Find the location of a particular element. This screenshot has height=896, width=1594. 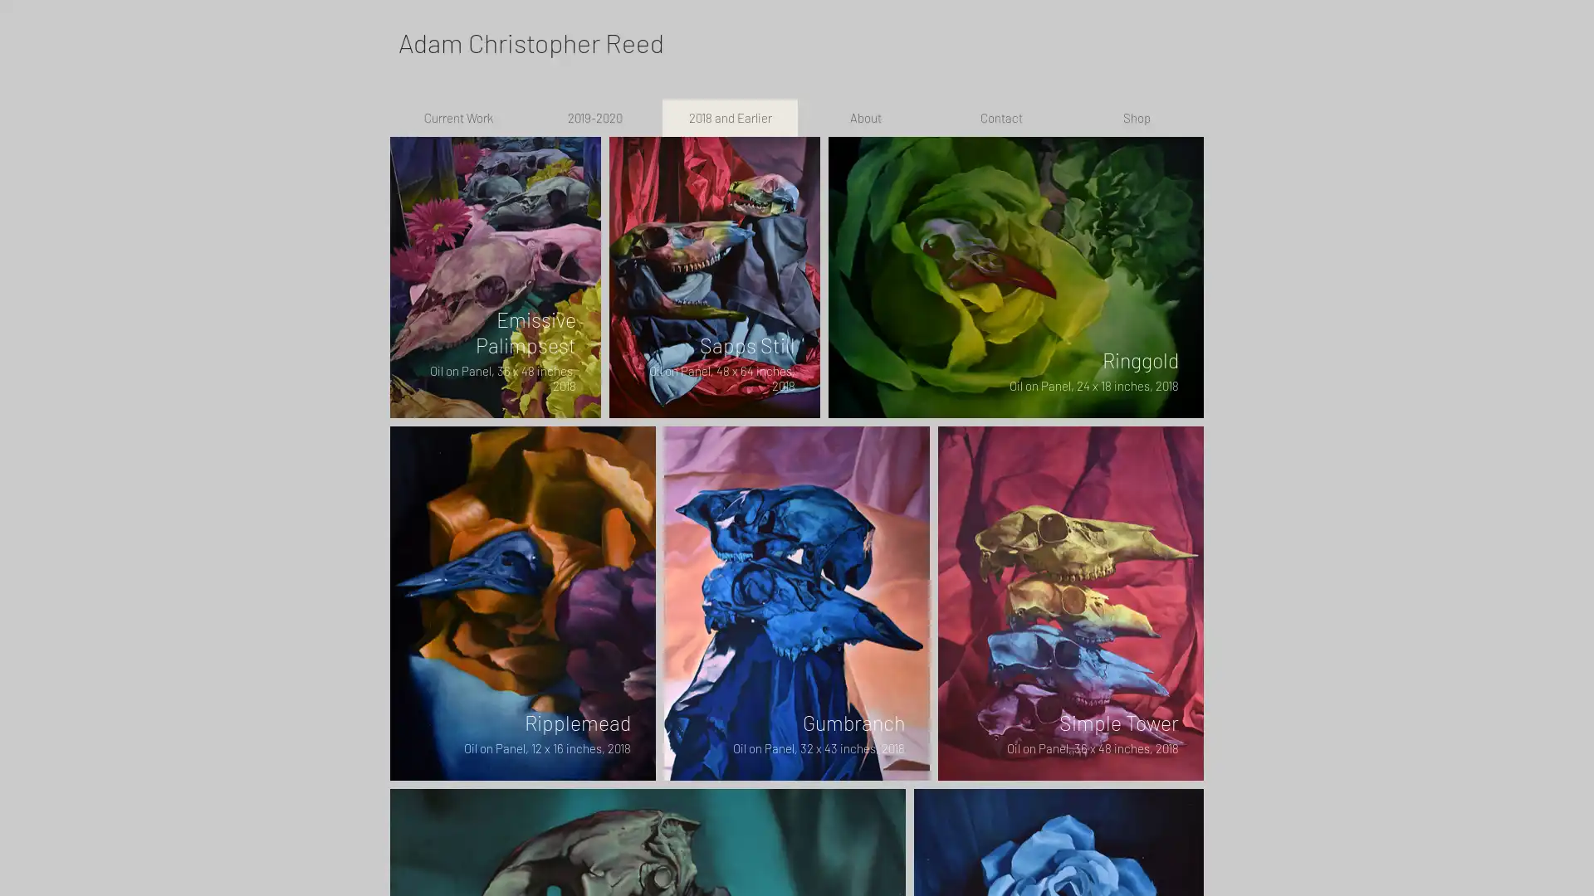

Emissive Palimpsest is located at coordinates (494, 276).